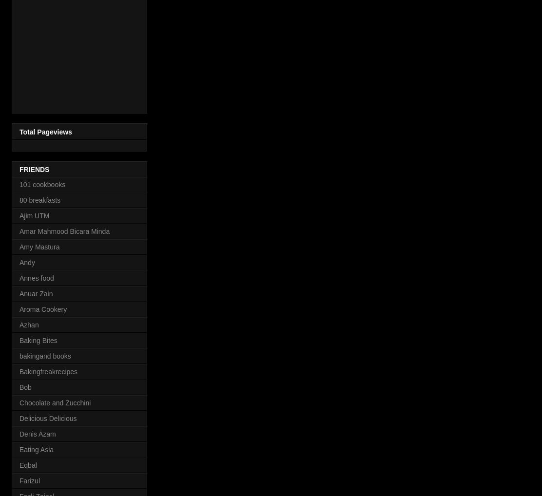 Image resolution: width=542 pixels, height=496 pixels. I want to click on 'Bakingfreakrecipes', so click(48, 370).